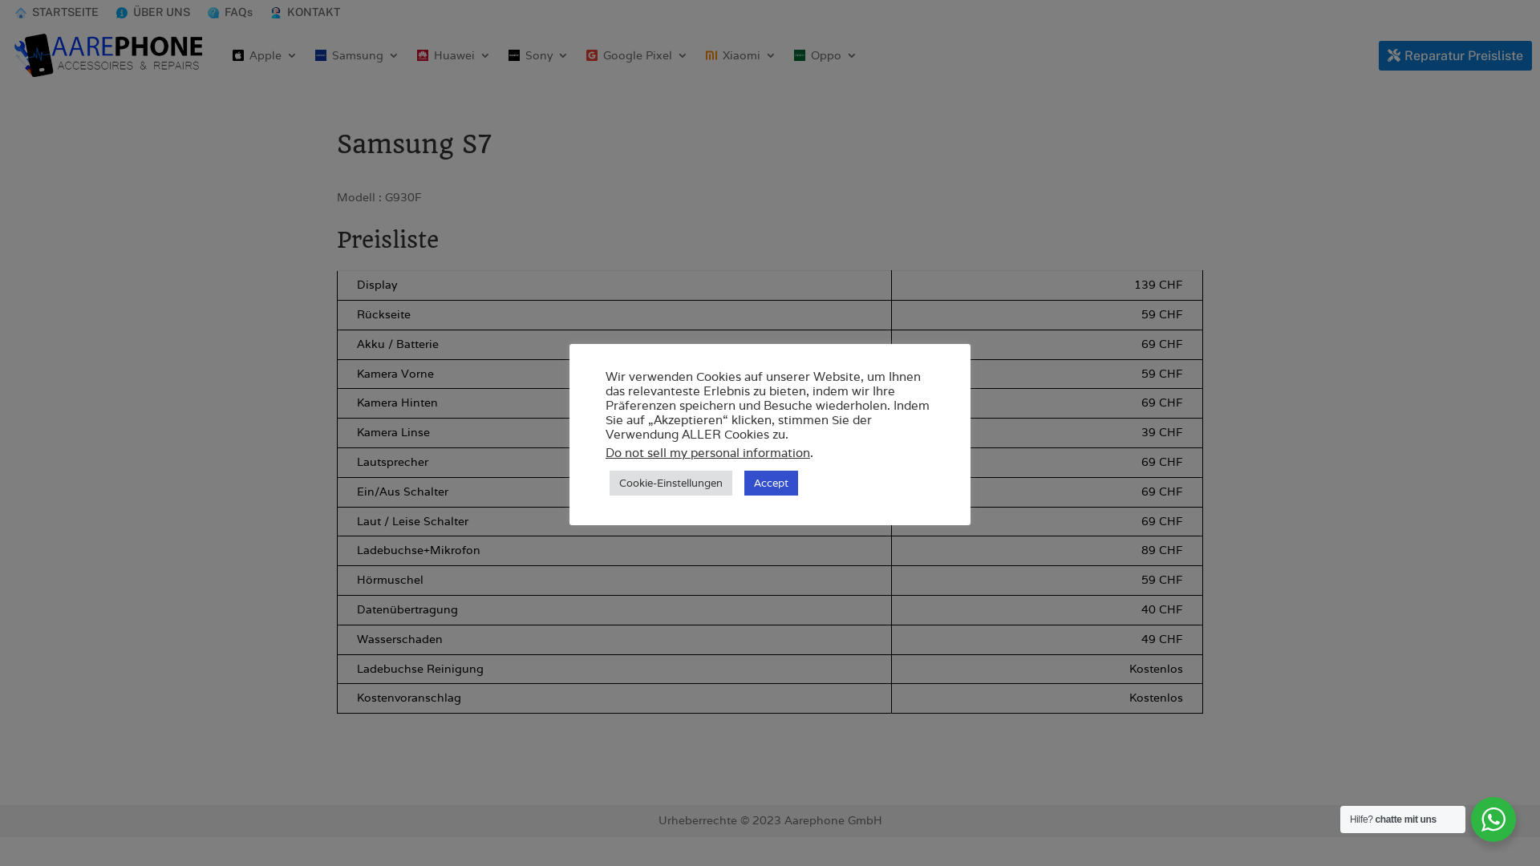 The image size is (1540, 866). Describe the element at coordinates (453, 55) in the screenshot. I see `'Huawei'` at that location.